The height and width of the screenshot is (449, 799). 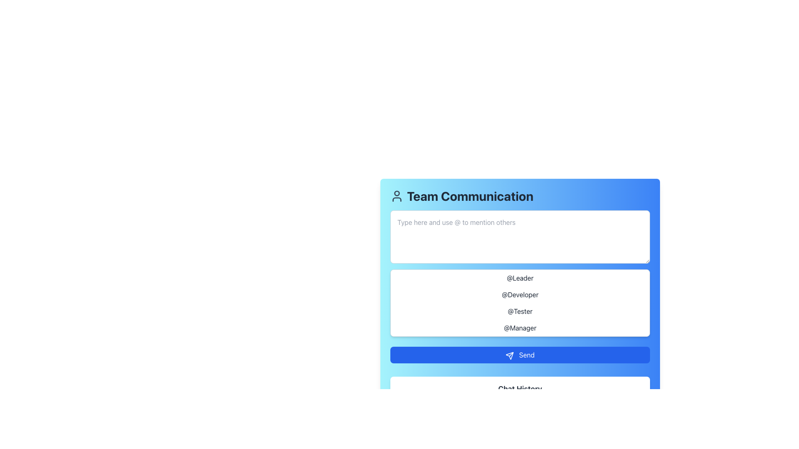 I want to click on the selectable label '@Developer', so click(x=519, y=294).